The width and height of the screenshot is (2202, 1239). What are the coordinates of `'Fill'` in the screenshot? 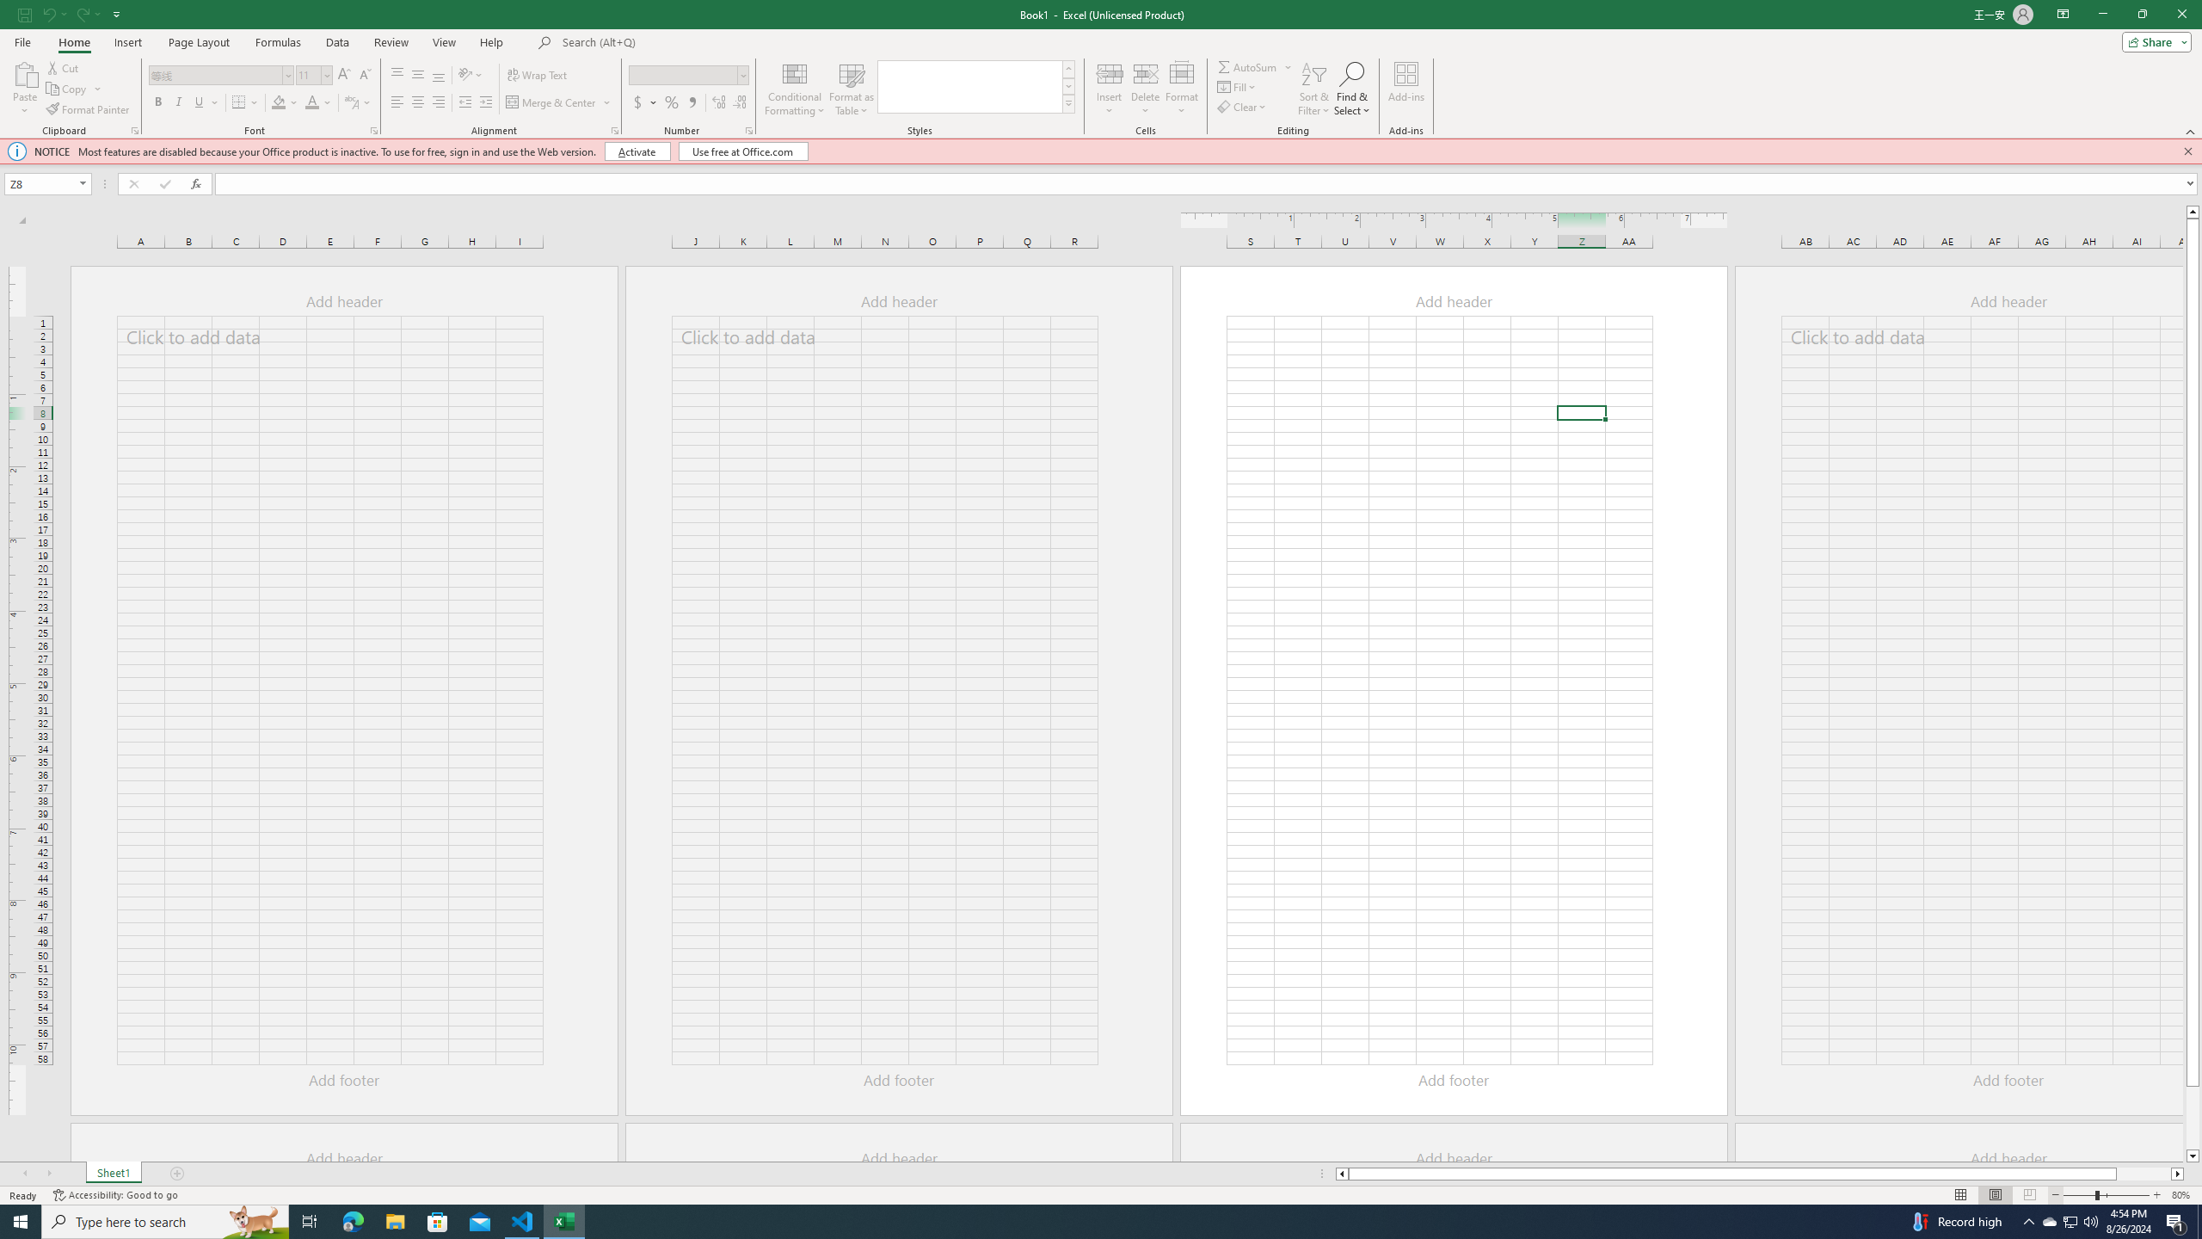 It's located at (1238, 85).